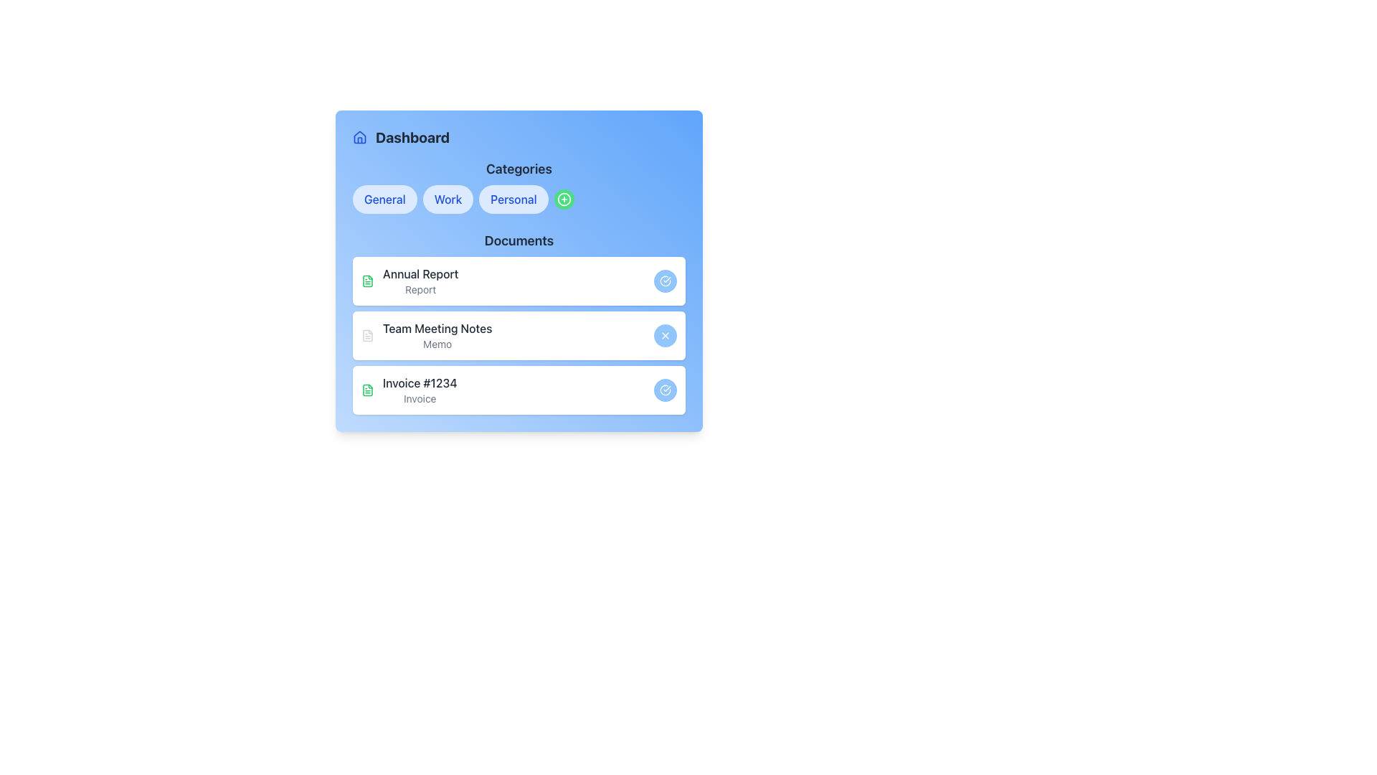  Describe the element at coordinates (664, 335) in the screenshot. I see `the delete icon inside the circular button next to the 'Team Meeting Notes' document entry` at that location.